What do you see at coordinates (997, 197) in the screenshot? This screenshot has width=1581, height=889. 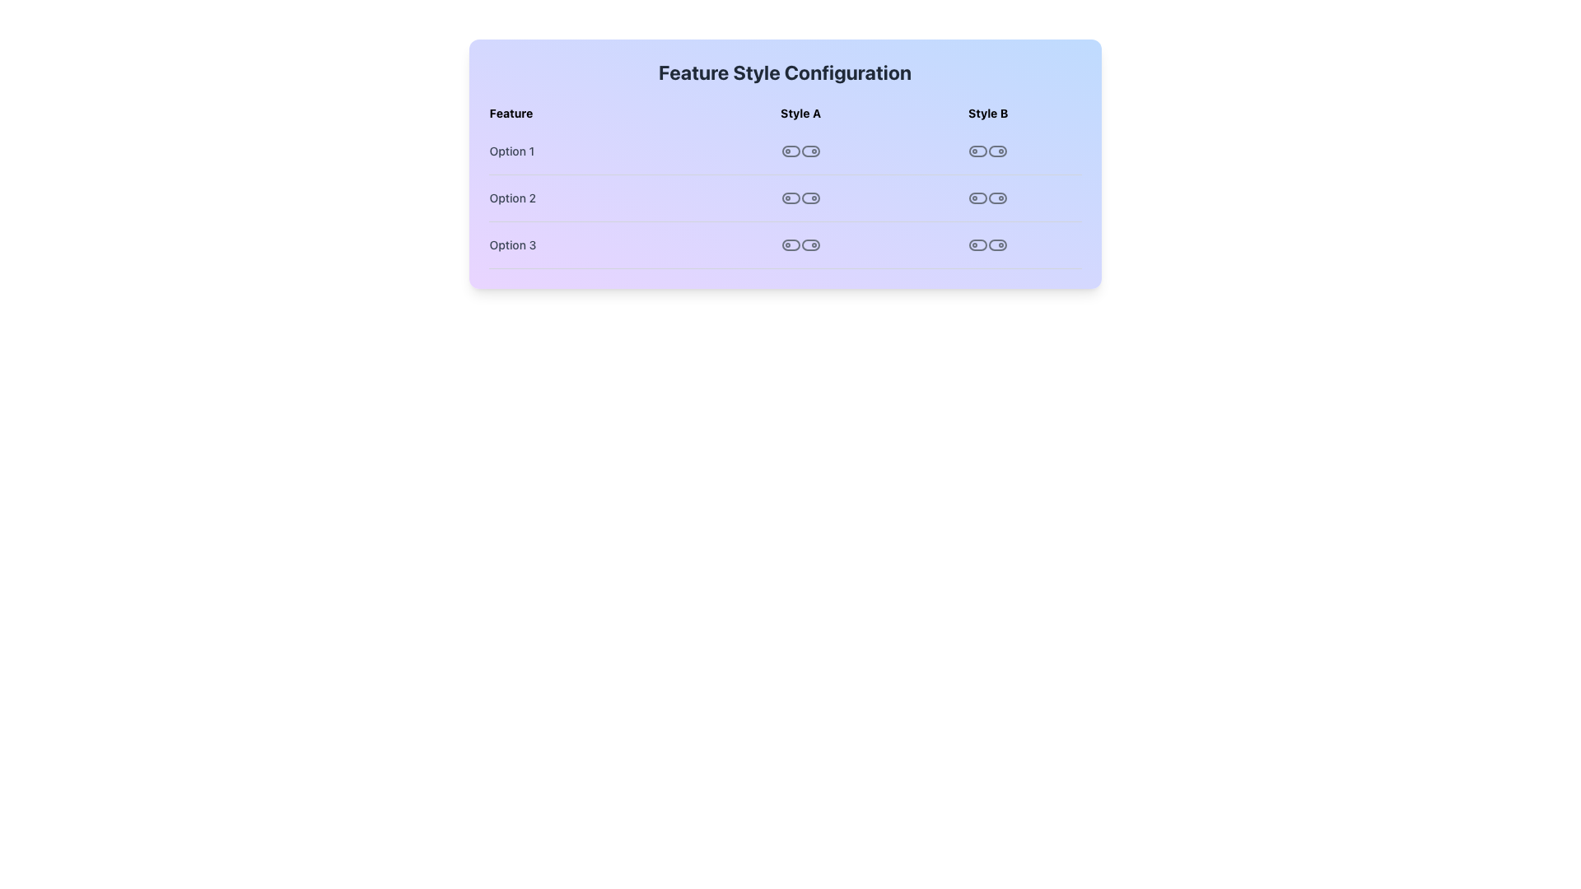 I see `the toggle switch for 'Option 2' in the 'Style B' column` at bounding box center [997, 197].